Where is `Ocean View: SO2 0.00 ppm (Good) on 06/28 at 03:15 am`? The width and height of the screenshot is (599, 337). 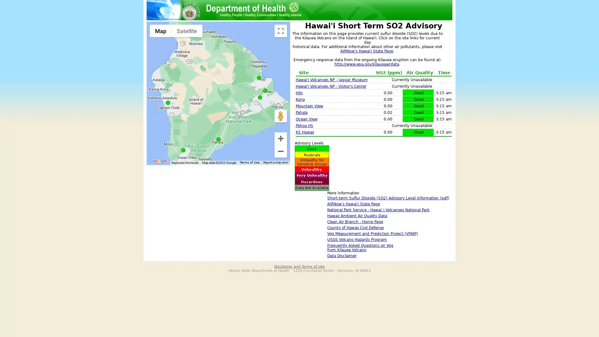 Ocean View: SO2 0.00 ppm (Good) on 06/28 at 03:15 am is located at coordinates (183, 150).